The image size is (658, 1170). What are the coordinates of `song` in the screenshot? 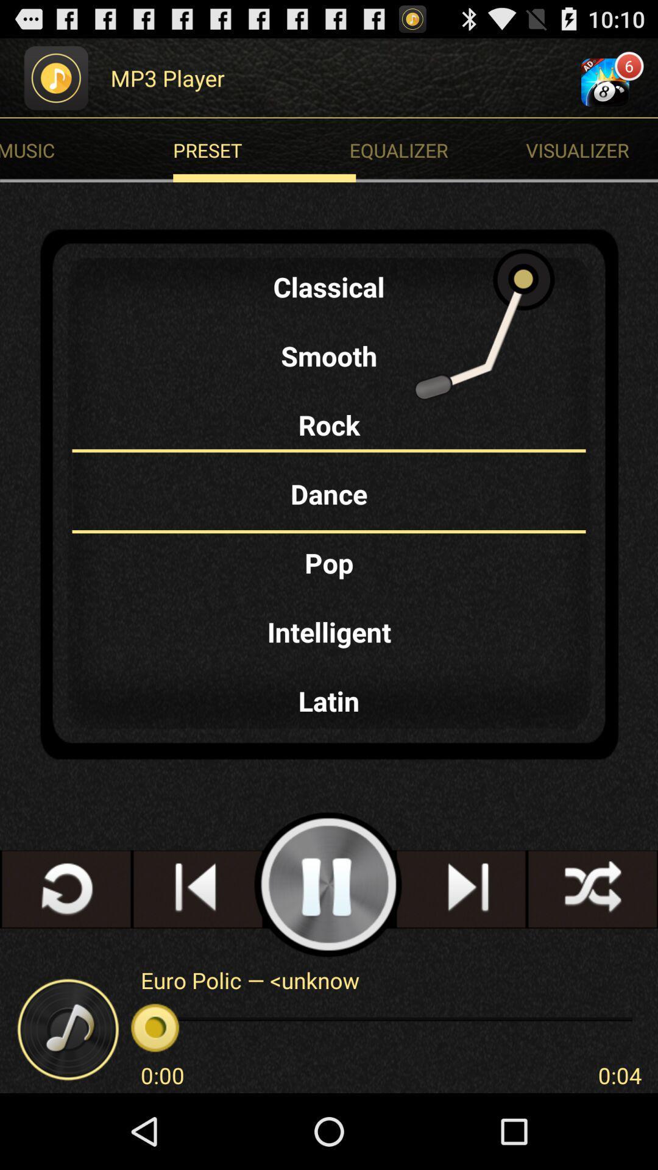 It's located at (328, 885).